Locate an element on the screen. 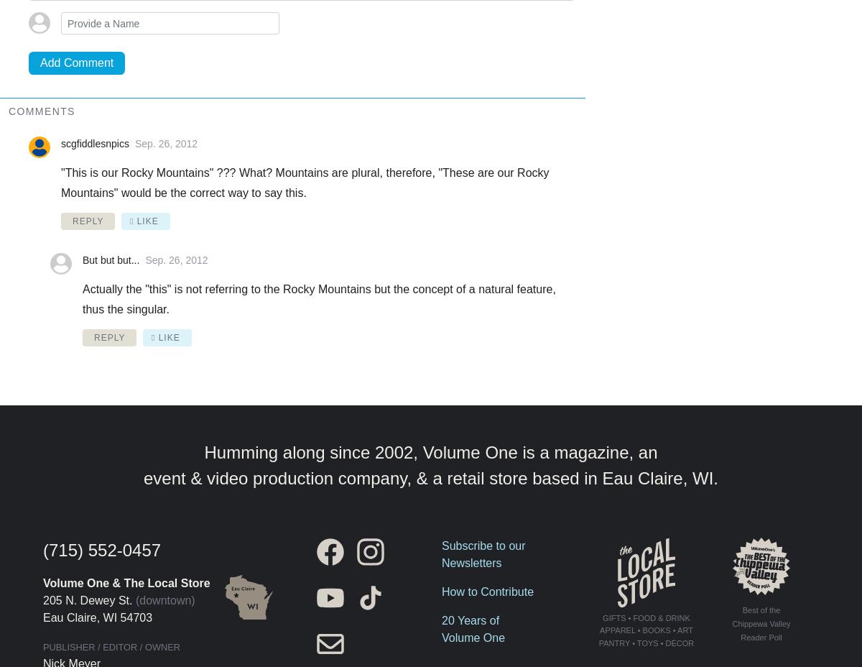  'Reader Poll' is located at coordinates (760, 637).